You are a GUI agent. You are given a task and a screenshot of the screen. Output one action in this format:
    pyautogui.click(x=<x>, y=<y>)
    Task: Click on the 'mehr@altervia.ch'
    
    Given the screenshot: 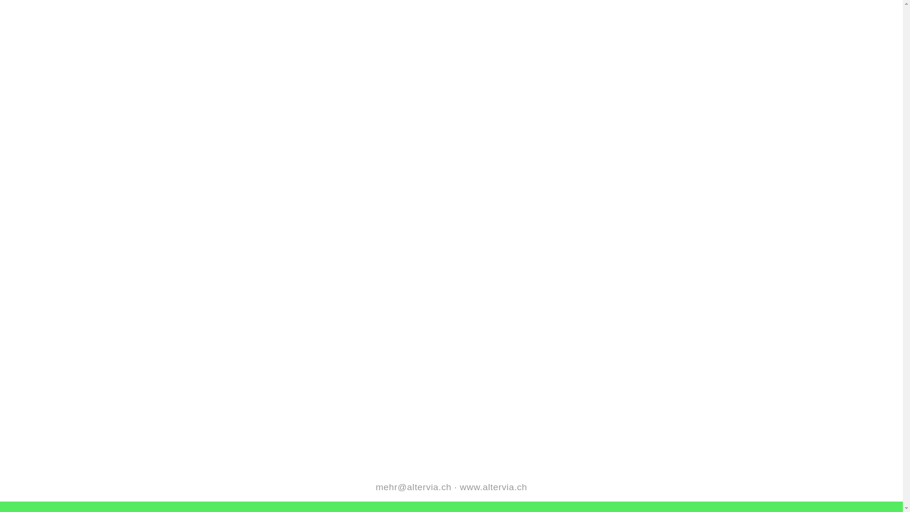 What is the action you would take?
    pyautogui.click(x=414, y=487)
    